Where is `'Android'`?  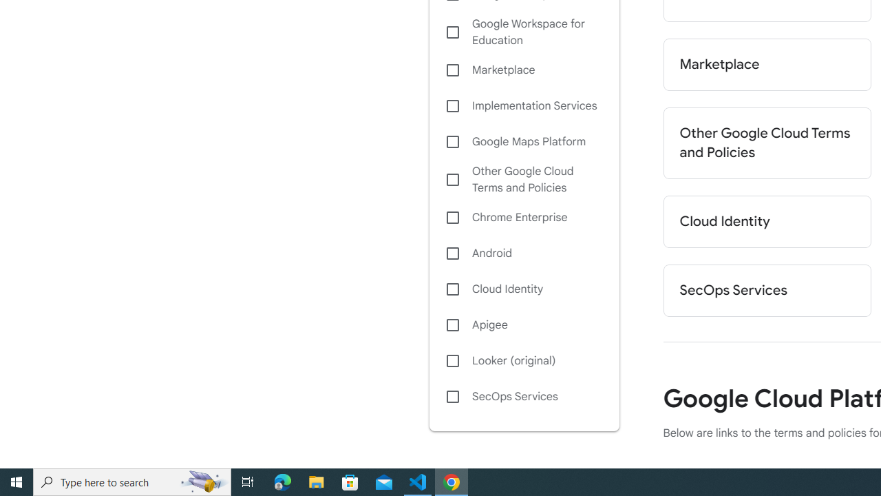
'Android' is located at coordinates (523, 253).